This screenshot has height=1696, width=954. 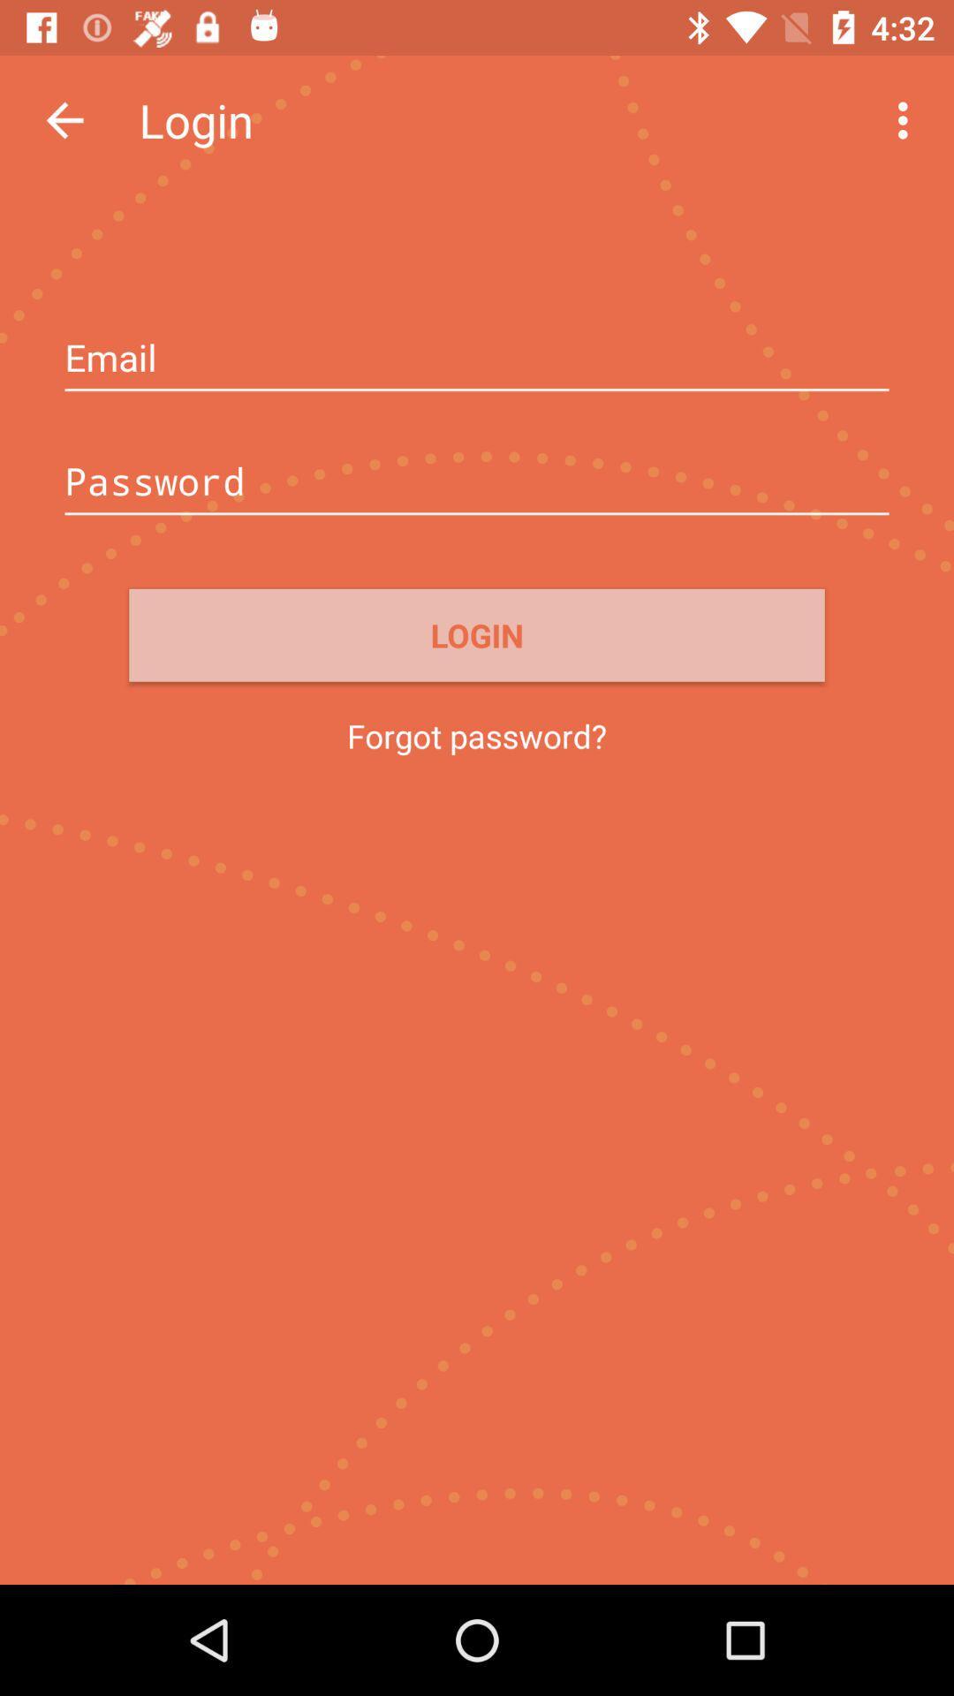 What do you see at coordinates (64, 119) in the screenshot?
I see `backword option` at bounding box center [64, 119].